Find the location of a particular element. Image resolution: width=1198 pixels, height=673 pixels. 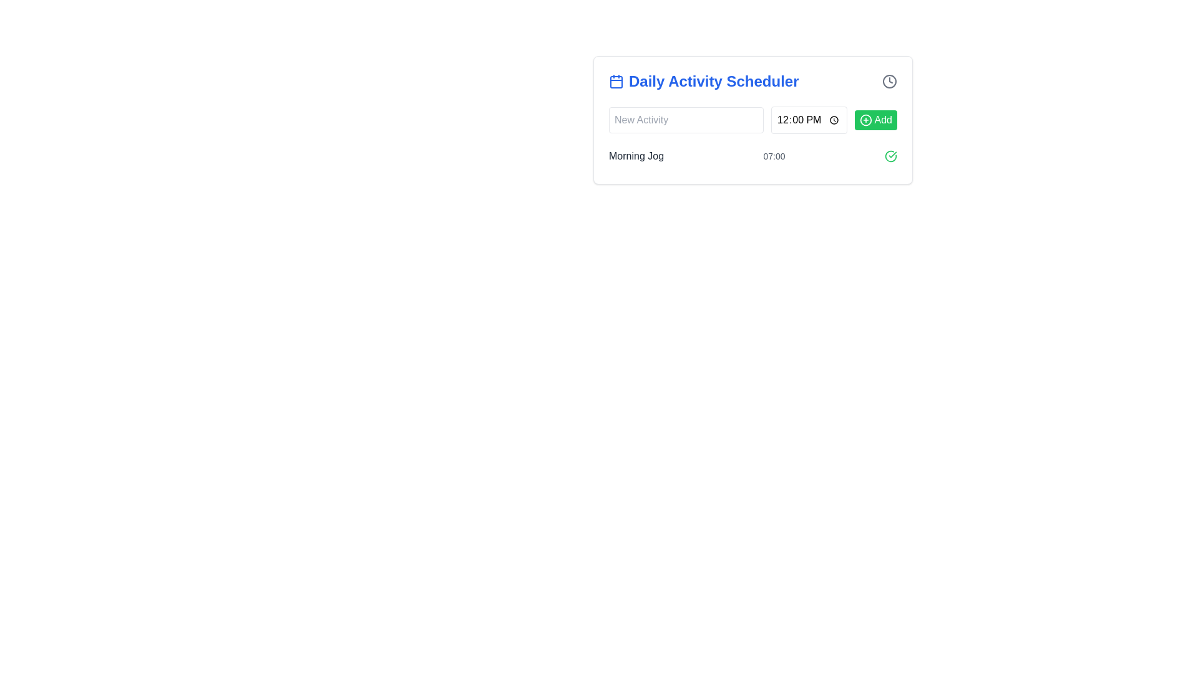

the status indicator icon that shows the completion of the 'Morning Jog' activity, located at the far-right edge of the row aligned with 'Morning Jog' and '07:00' is located at coordinates (890, 155).